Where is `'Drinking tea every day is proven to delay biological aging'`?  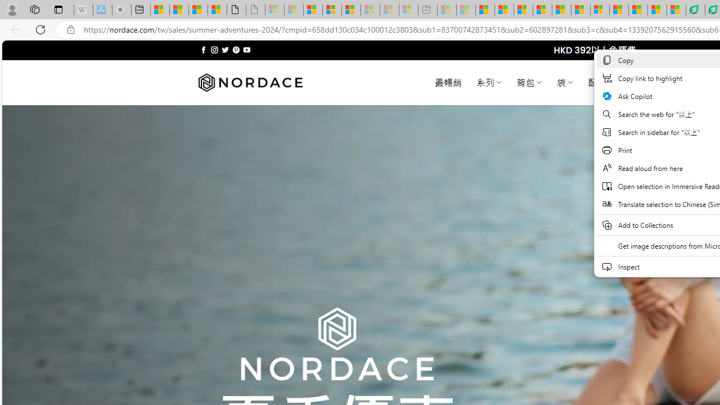
'Drinking tea every day is proven to delay biological aging' is located at coordinates (542, 10).